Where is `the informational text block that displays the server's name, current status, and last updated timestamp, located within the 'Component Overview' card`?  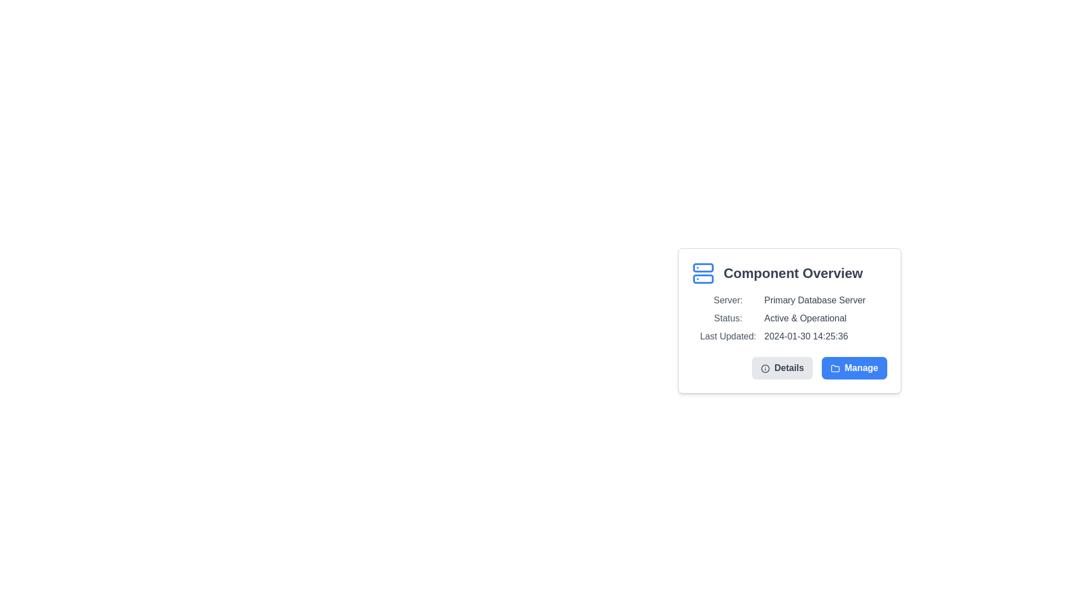
the informational text block that displays the server's name, current status, and last updated timestamp, located within the 'Component Overview' card is located at coordinates (789, 318).